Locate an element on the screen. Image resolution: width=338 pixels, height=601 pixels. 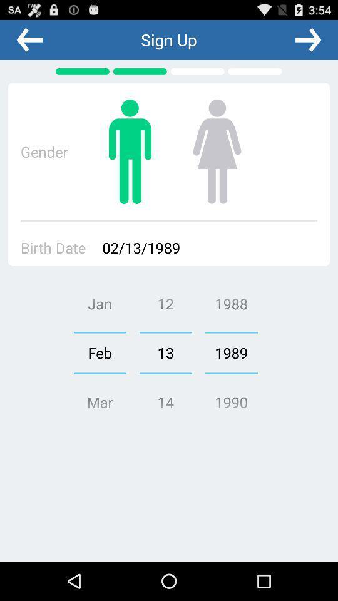
next page is located at coordinates (307, 39).